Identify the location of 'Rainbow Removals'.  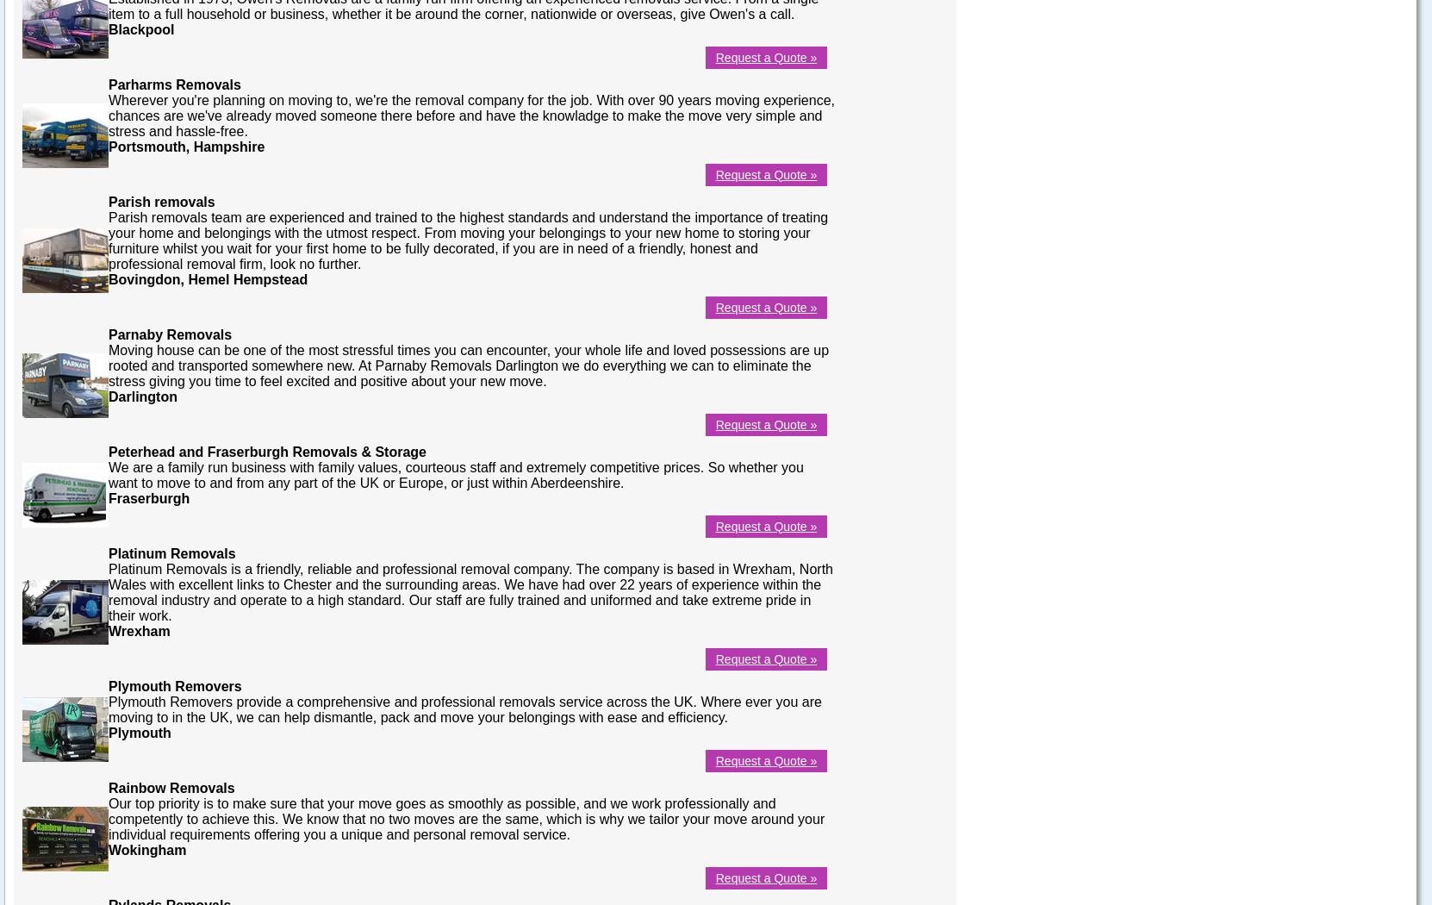
(170, 787).